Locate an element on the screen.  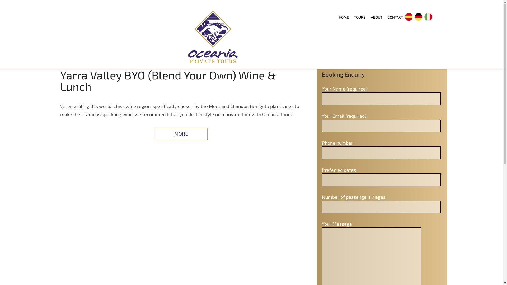
'CONTACT' is located at coordinates (382, 17).